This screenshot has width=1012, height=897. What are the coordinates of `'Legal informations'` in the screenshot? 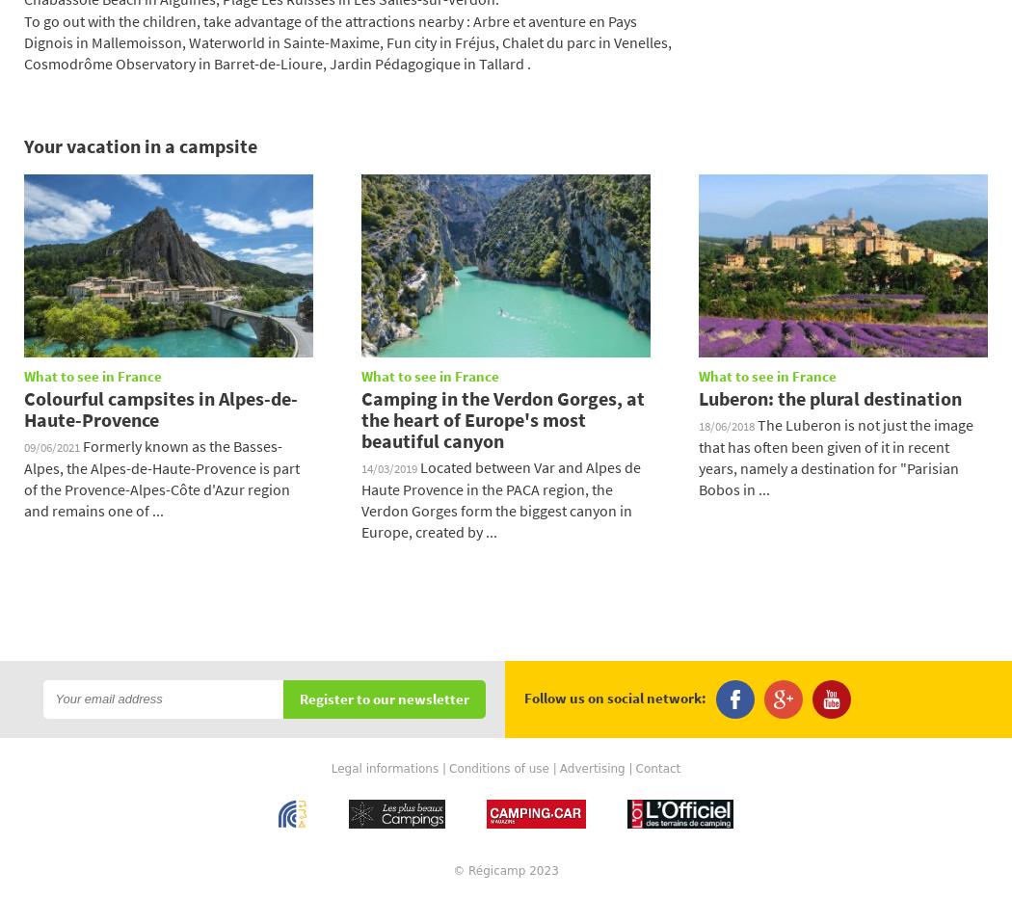 It's located at (385, 768).